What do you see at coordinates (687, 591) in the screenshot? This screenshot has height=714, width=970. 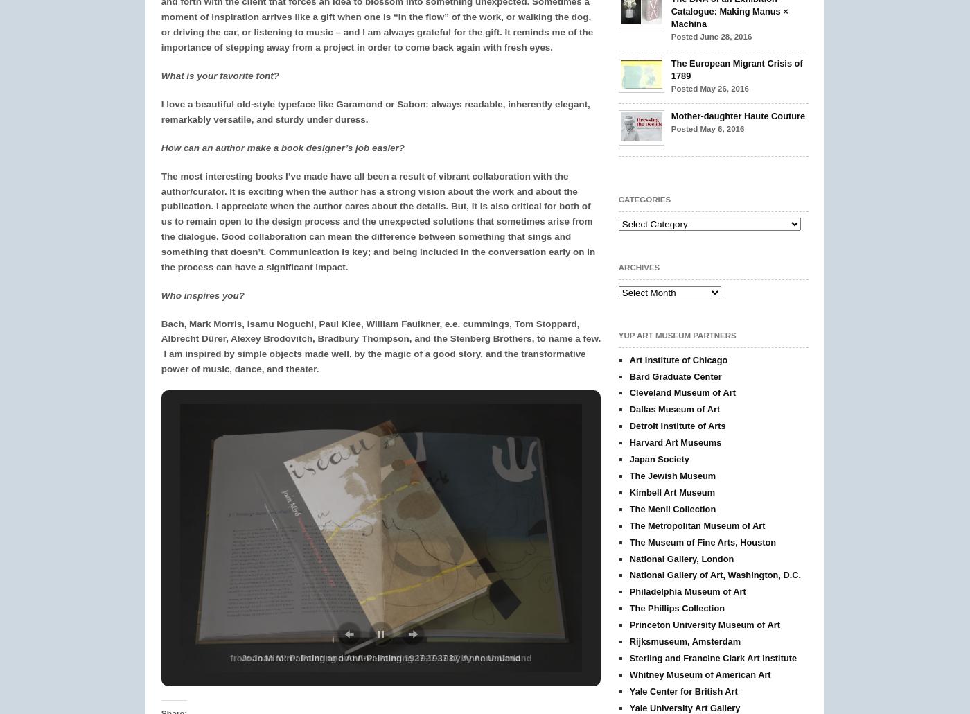 I see `'Philadelphia Museum of Art'` at bounding box center [687, 591].